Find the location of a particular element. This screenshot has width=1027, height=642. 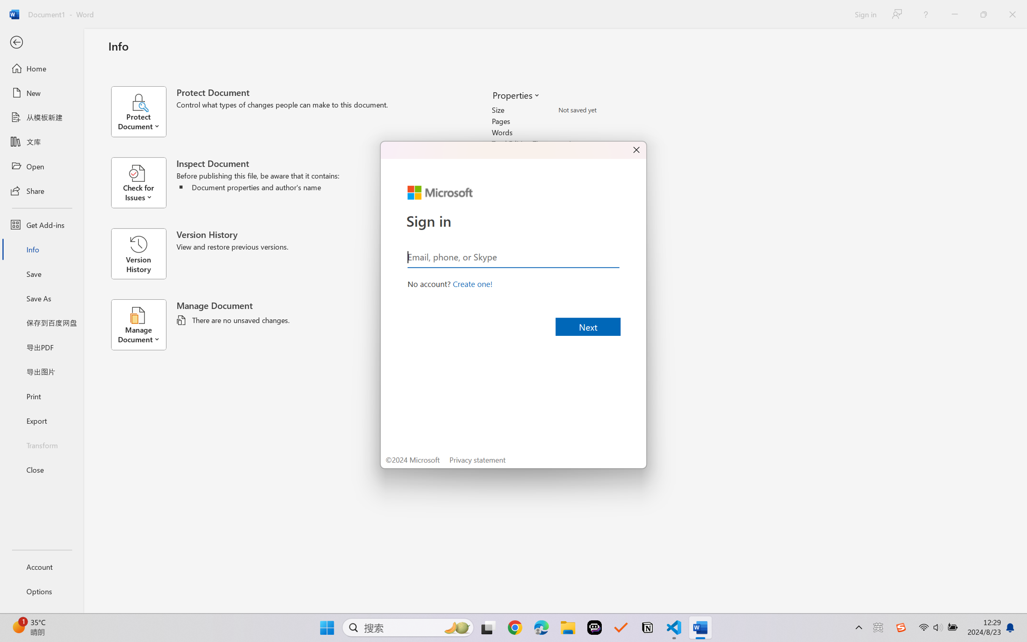

'Info' is located at coordinates (41, 249).